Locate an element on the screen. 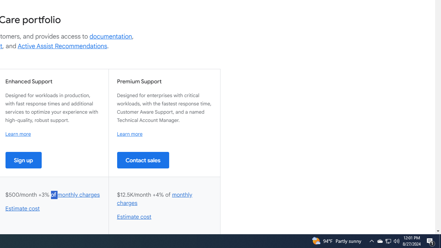 The image size is (441, 248). 'Contact sales' is located at coordinates (143, 160).